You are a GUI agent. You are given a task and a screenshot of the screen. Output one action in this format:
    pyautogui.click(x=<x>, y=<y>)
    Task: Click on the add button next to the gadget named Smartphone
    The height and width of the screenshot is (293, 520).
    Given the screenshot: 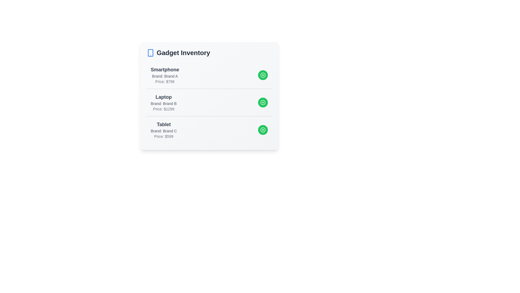 What is the action you would take?
    pyautogui.click(x=263, y=75)
    